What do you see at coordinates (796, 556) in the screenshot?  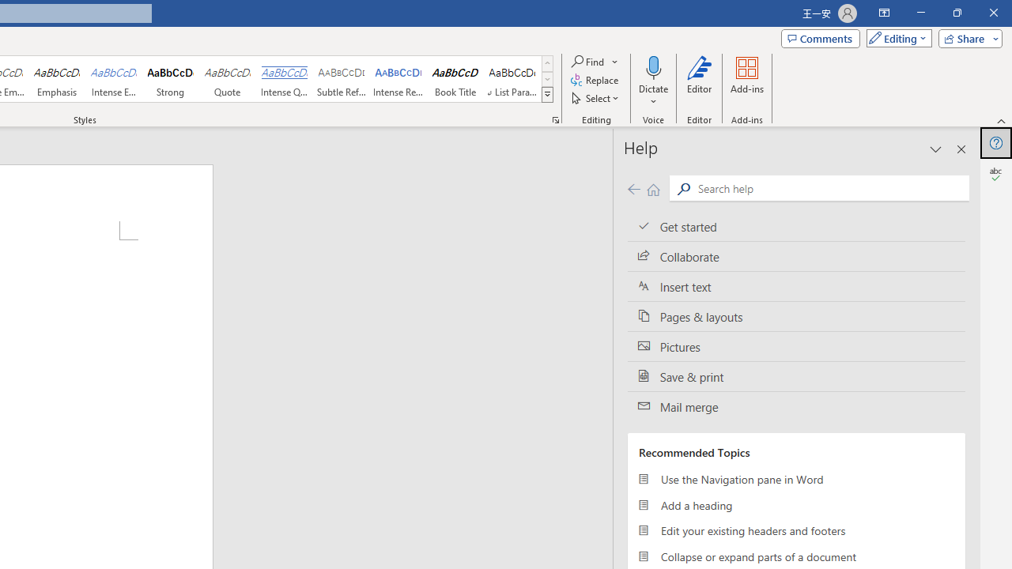 I see `'Collapse or expand parts of a document'` at bounding box center [796, 556].